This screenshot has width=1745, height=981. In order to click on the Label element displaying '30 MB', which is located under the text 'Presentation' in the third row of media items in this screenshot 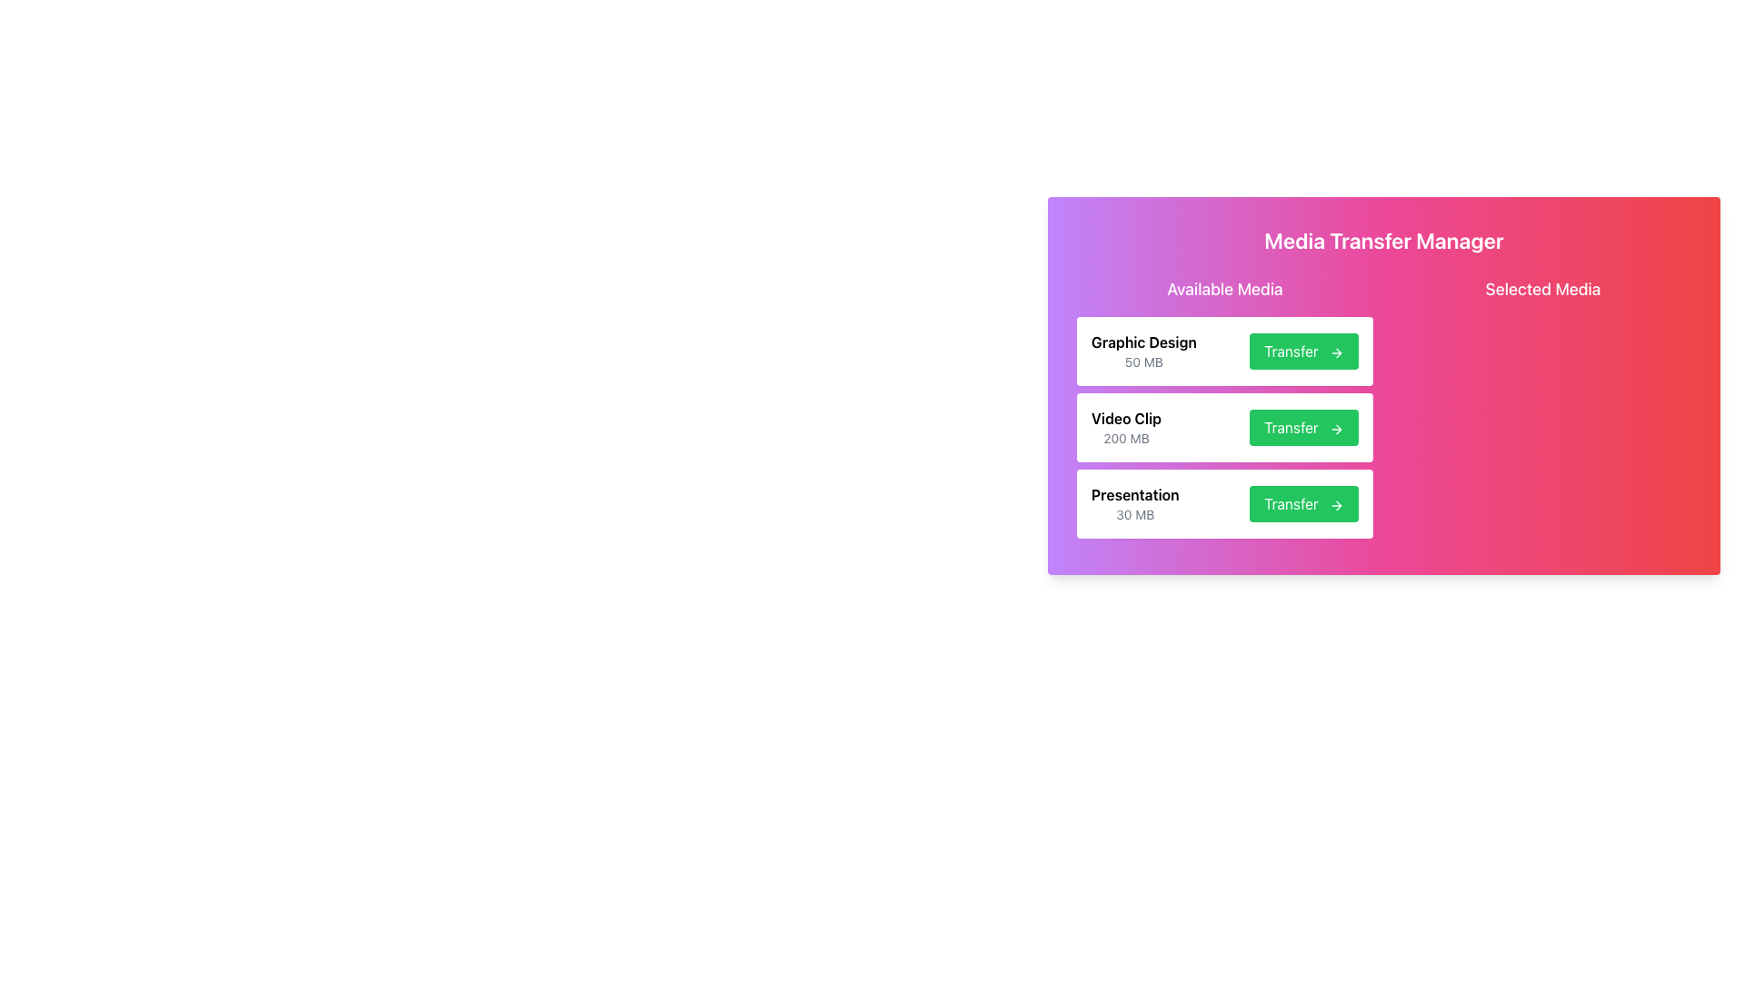, I will do `click(1134, 515)`.